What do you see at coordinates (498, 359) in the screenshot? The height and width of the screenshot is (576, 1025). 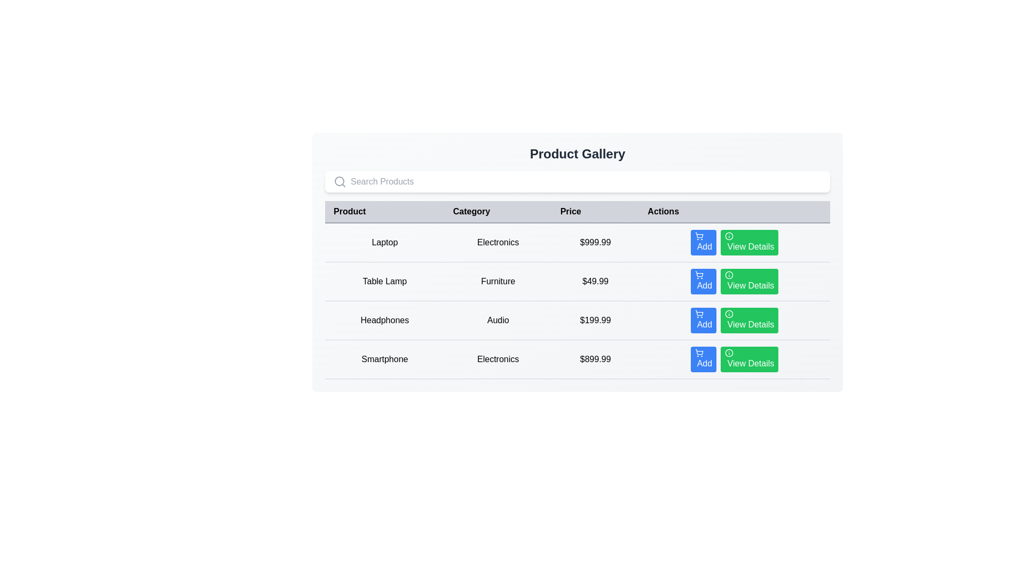 I see `the static text label displaying 'Electronics' located in the fourth row of the table under the 'Category' column` at bounding box center [498, 359].